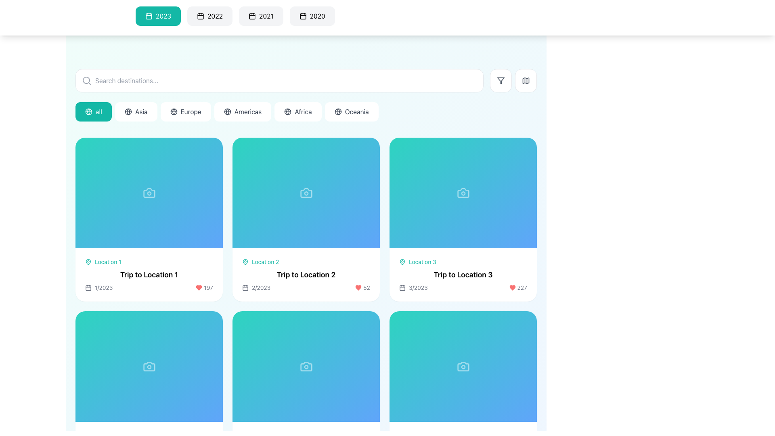 This screenshot has width=775, height=436. What do you see at coordinates (402, 262) in the screenshot?
I see `the teal map pin icon that represents 'Location 3', which is positioned to the left of the text in the header of the card labeled 'Trip to Location 3'` at bounding box center [402, 262].